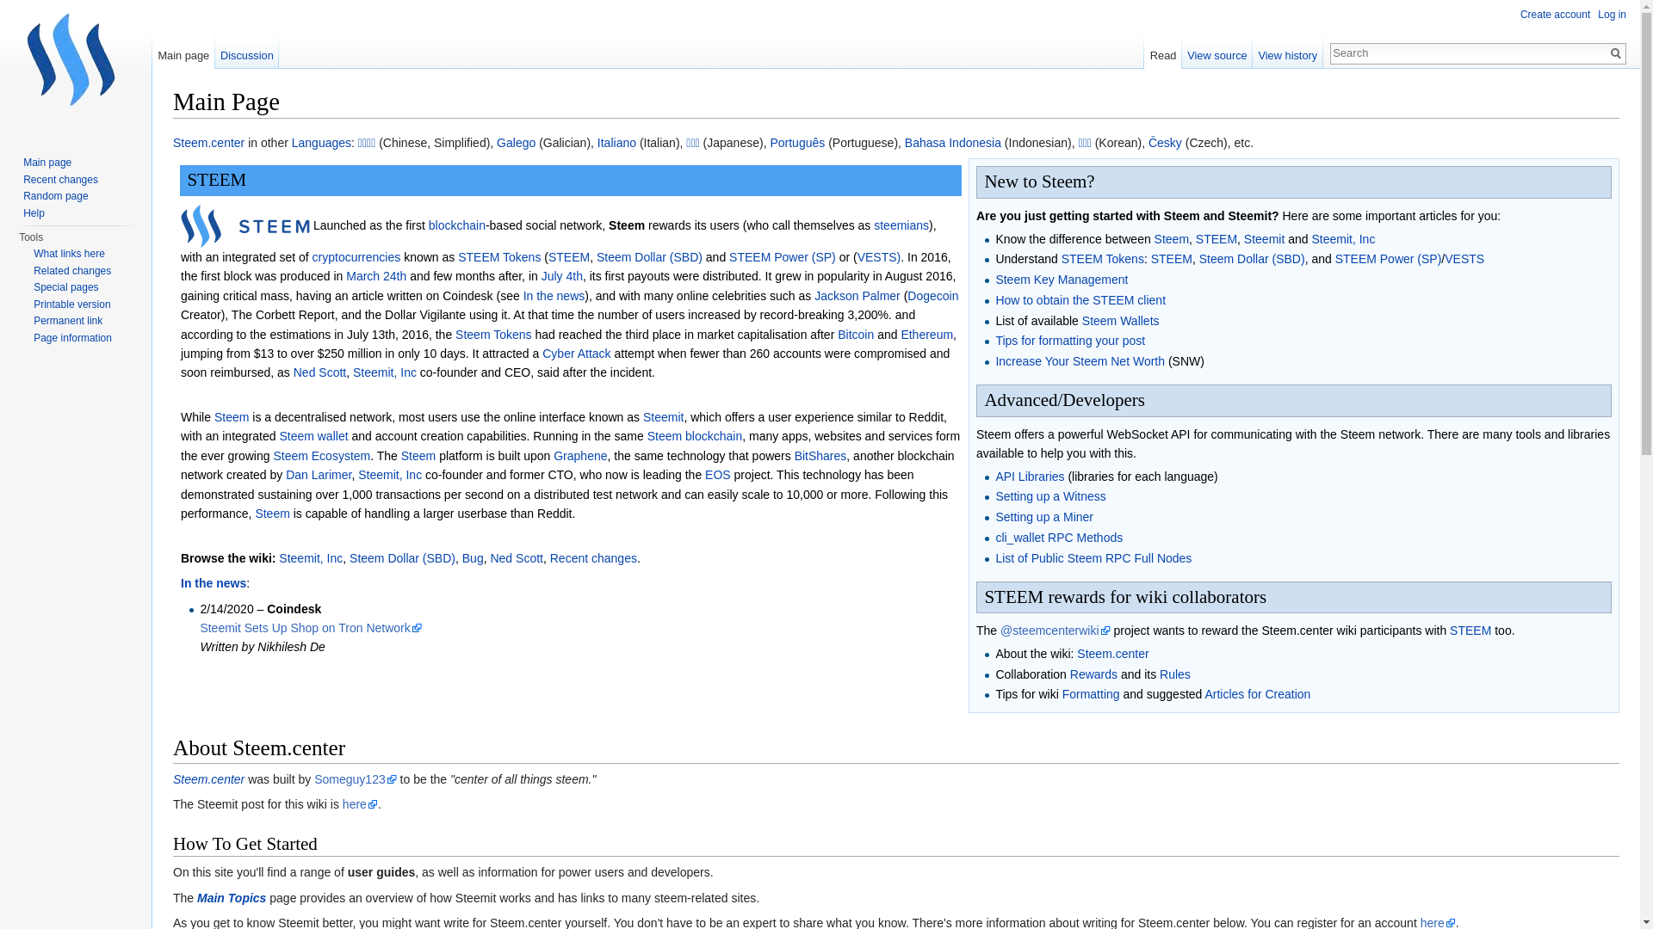 The image size is (1653, 929). What do you see at coordinates (351, 371) in the screenshot?
I see `'Steemit, Inc'` at bounding box center [351, 371].